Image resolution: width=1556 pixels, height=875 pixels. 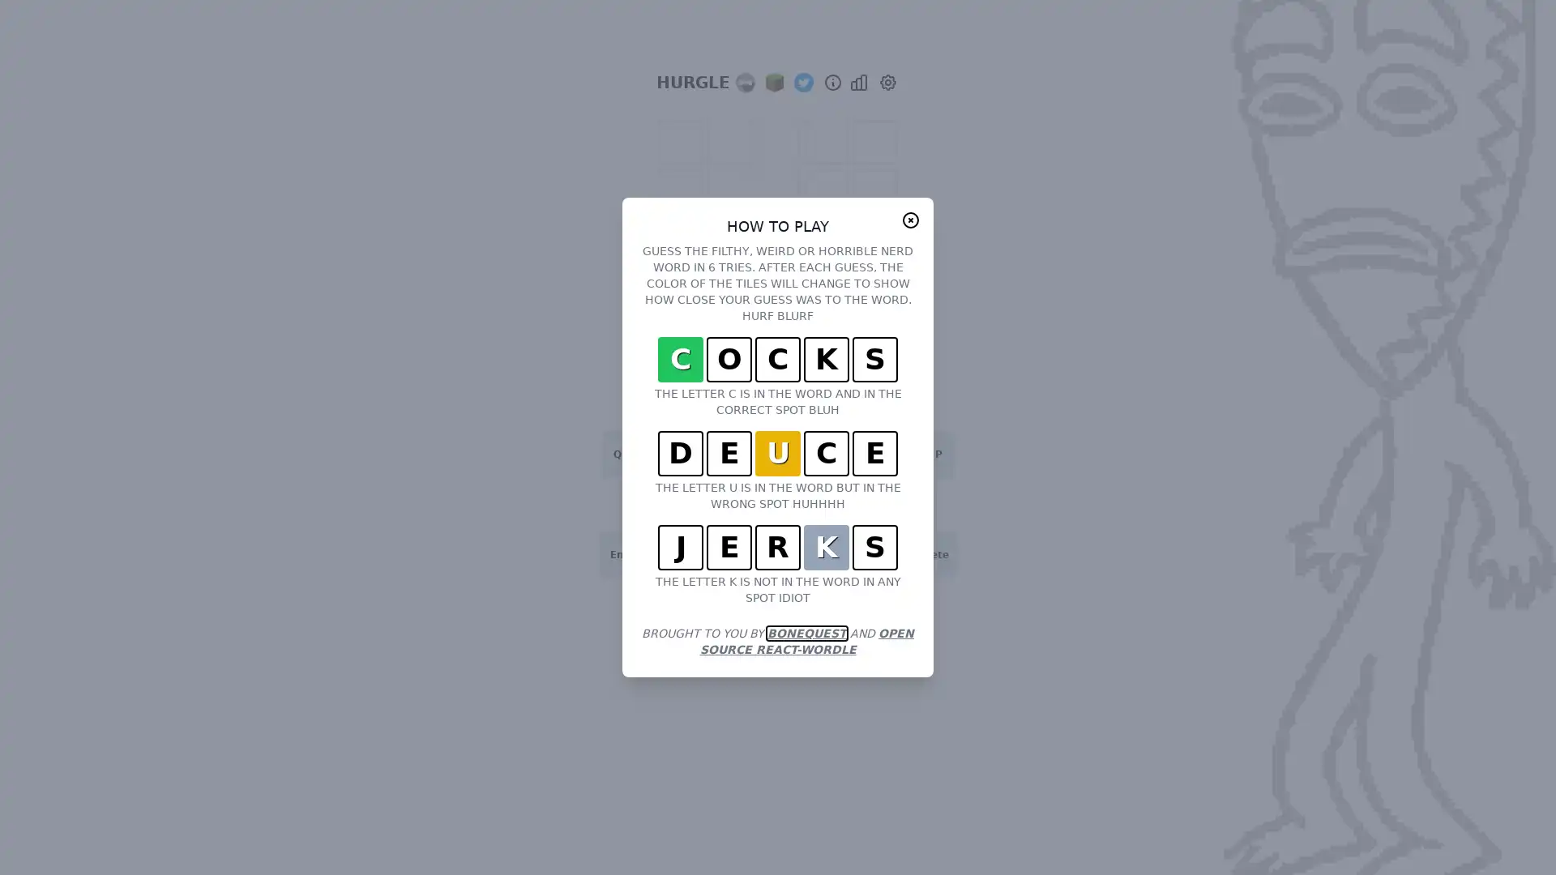 I want to click on H, so click(x=813, y=504).